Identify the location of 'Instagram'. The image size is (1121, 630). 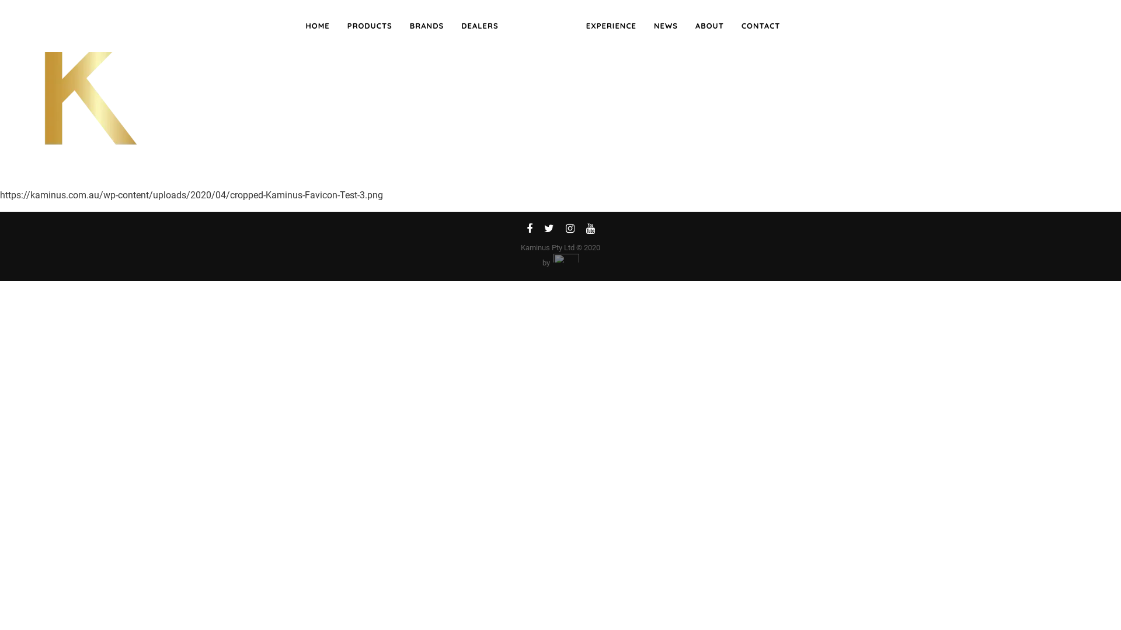
(569, 230).